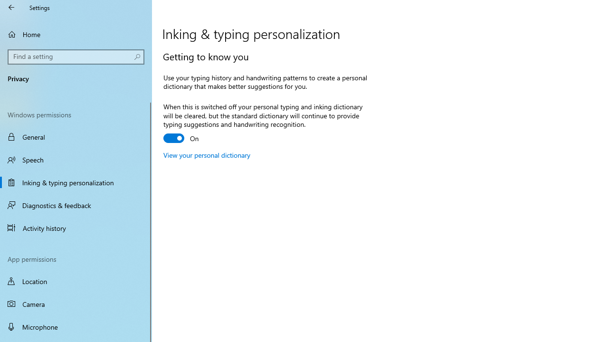 Image resolution: width=608 pixels, height=342 pixels. What do you see at coordinates (76, 137) in the screenshot?
I see `'General'` at bounding box center [76, 137].